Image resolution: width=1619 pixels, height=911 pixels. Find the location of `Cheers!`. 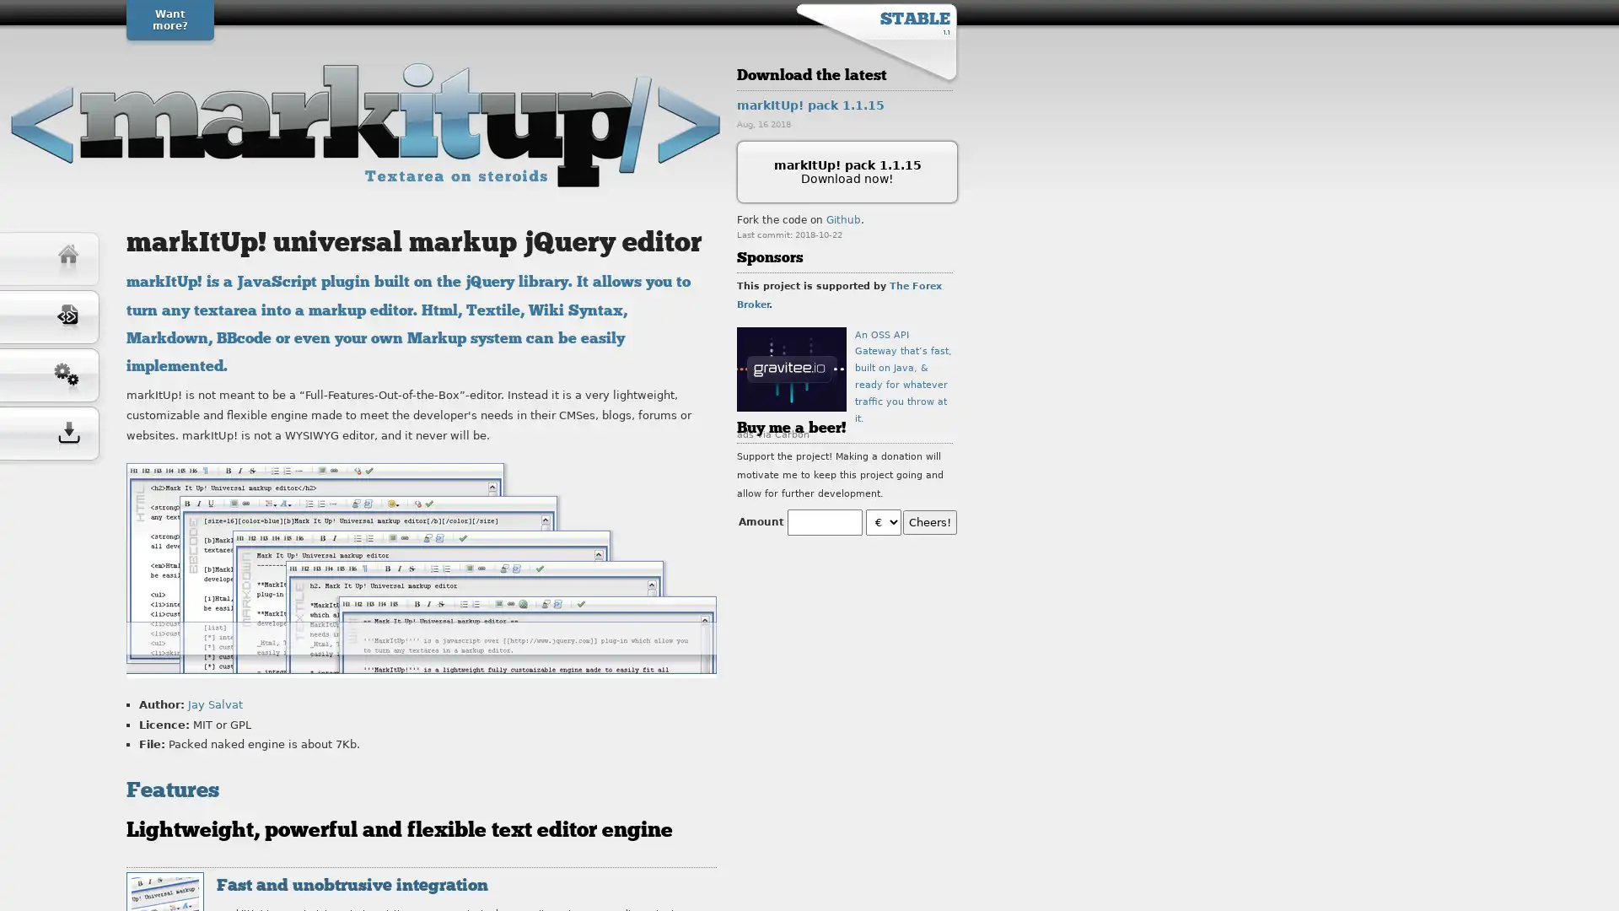

Cheers! is located at coordinates (929, 521).